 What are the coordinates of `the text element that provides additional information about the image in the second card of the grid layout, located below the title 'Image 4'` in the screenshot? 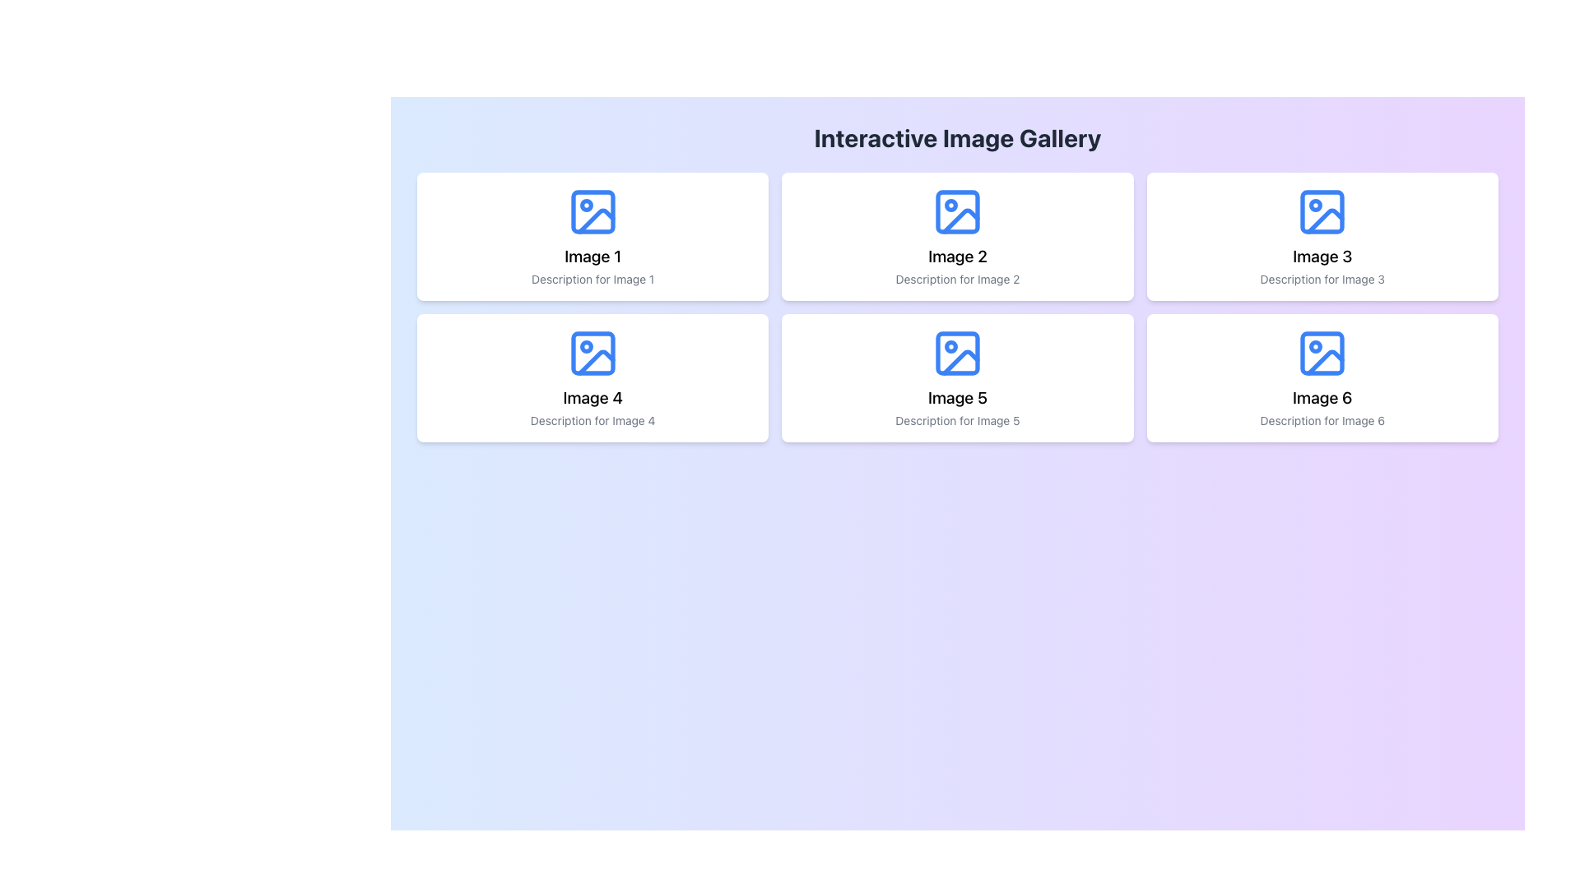 It's located at (592, 420).